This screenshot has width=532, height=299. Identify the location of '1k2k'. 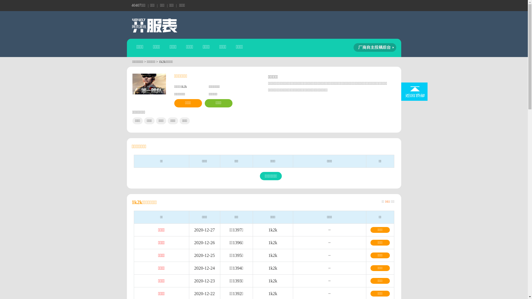
(272, 268).